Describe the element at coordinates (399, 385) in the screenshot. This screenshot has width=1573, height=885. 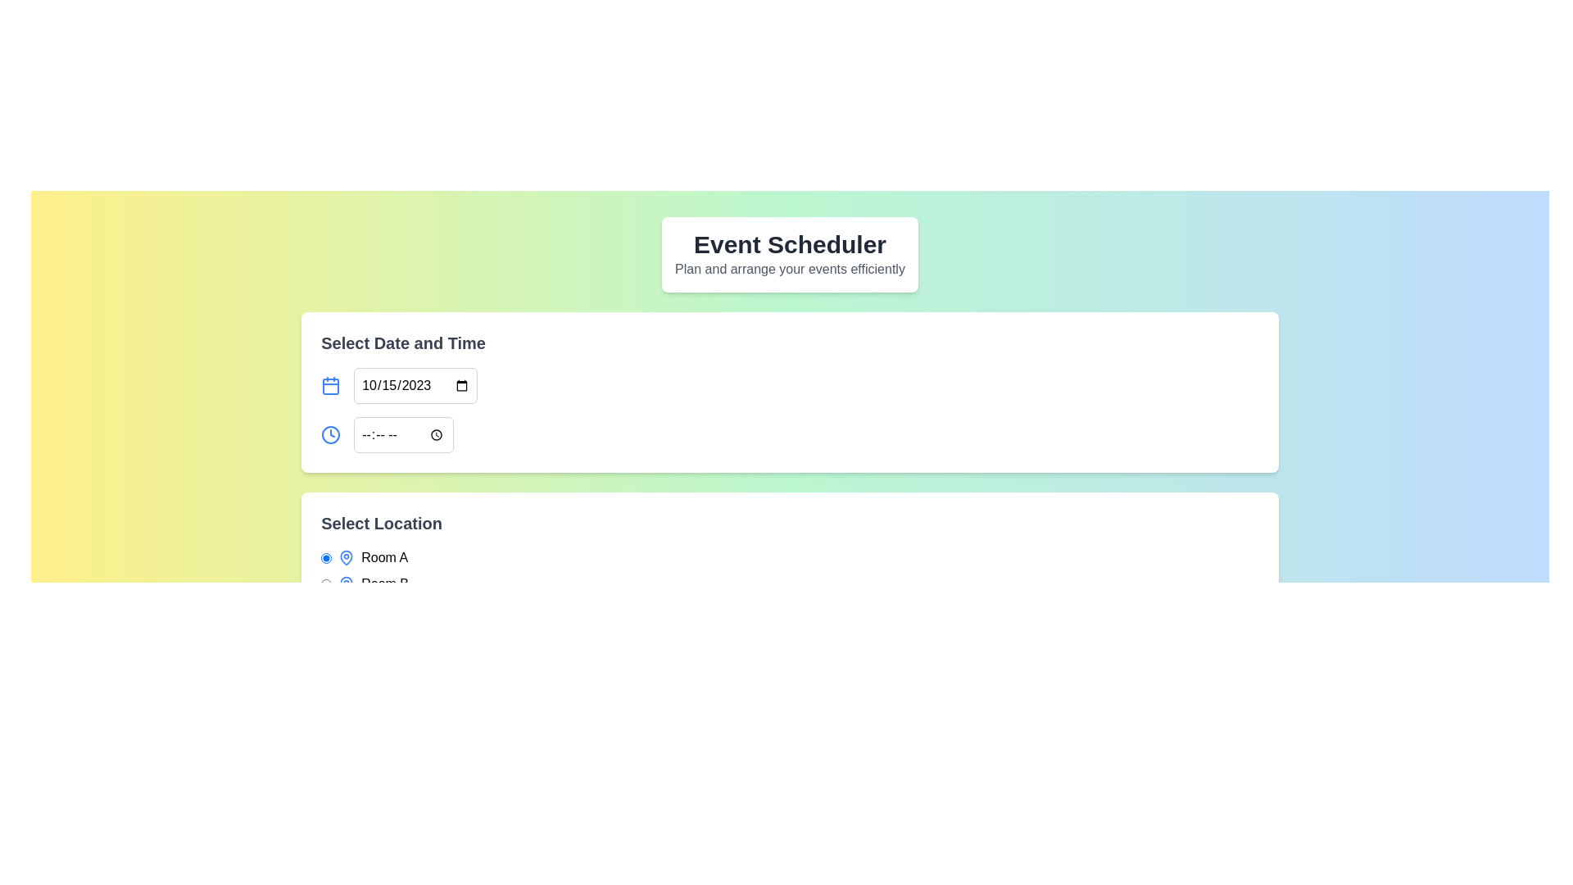
I see `a date using the visual date picker in the Date input field, which is centrally located within the 'Select Date and Time' section, styled with rounded corners and a light gray border` at that location.